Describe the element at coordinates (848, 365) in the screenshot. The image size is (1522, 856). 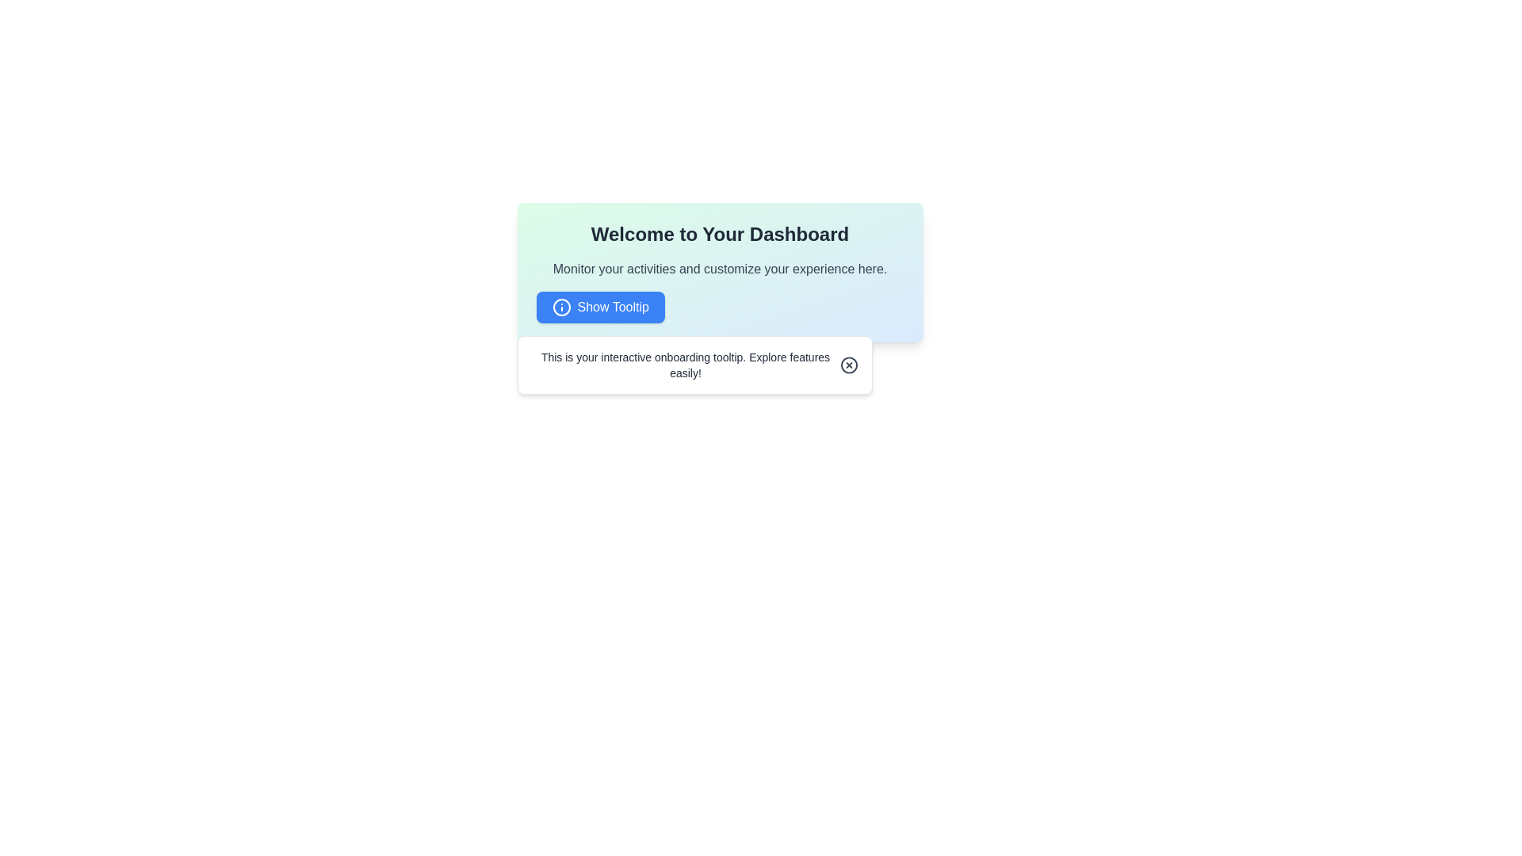
I see `the close button located at the far right end of the white tooltip box` at that location.